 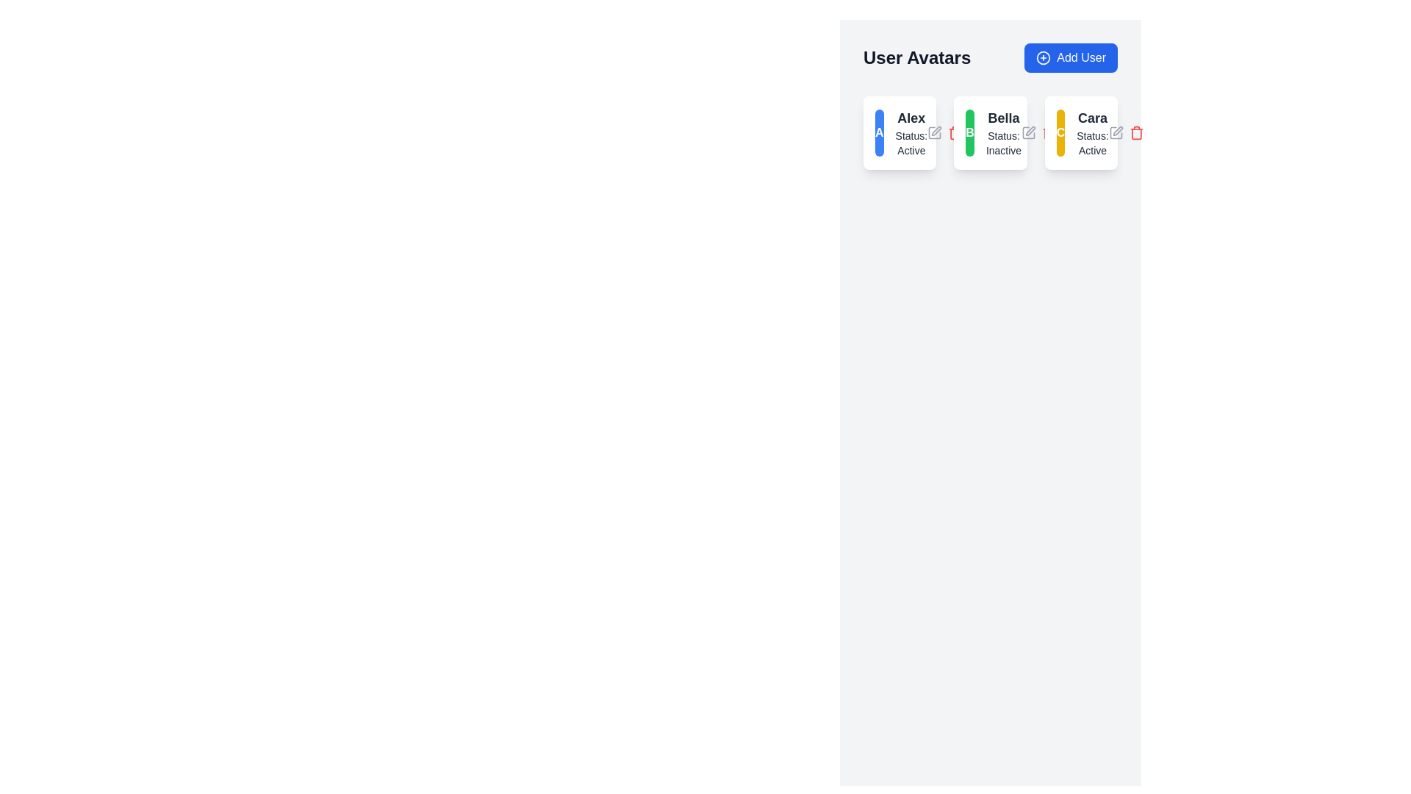 I want to click on text label displaying 'User Avatars', which is a bold heading located at the top left of the section heading area, to the left of the 'Add User' button, so click(x=916, y=57).